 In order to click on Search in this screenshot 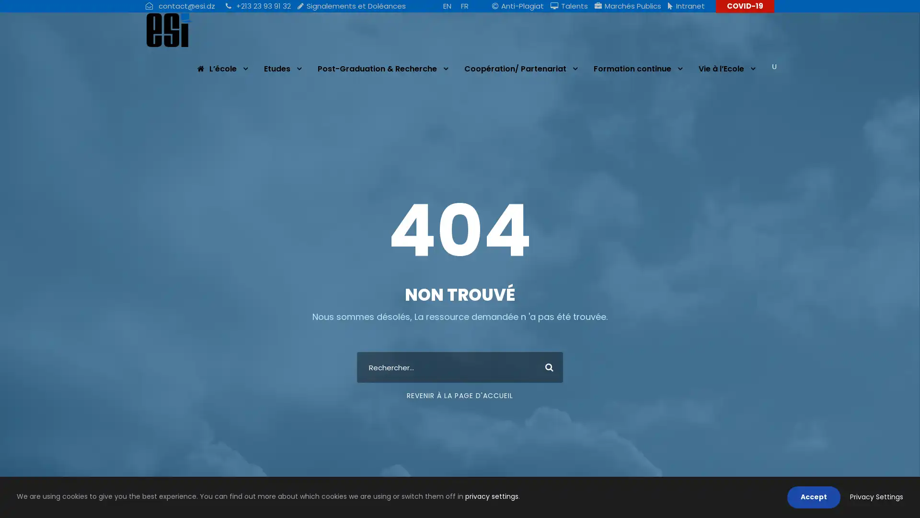, I will do `click(547, 367)`.